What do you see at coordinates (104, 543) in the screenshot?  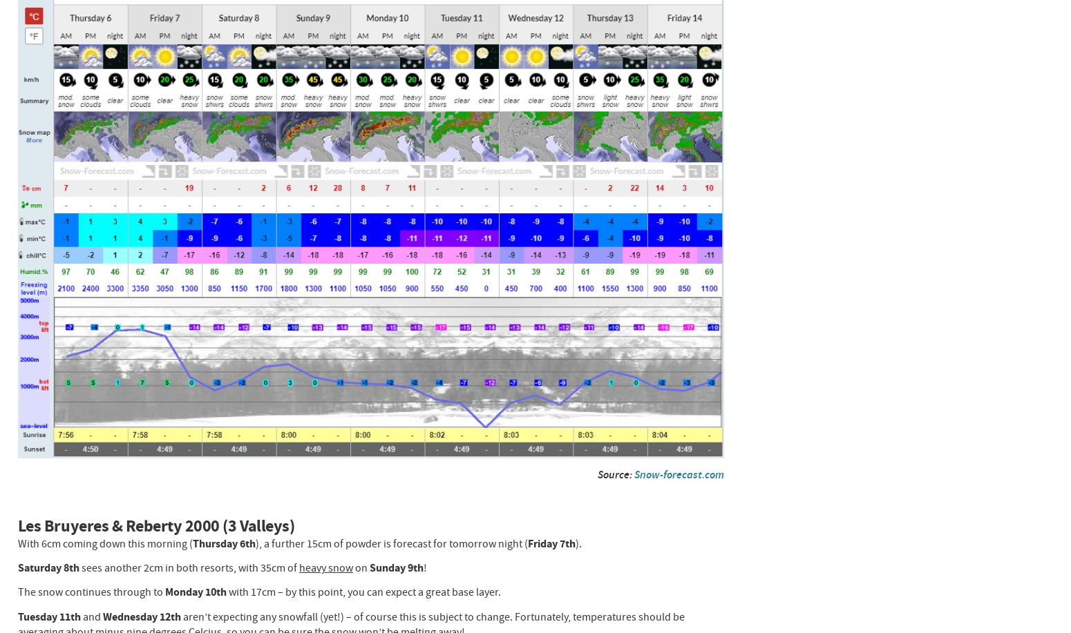 I see `'With 6cm coming down this morning ('` at bounding box center [104, 543].